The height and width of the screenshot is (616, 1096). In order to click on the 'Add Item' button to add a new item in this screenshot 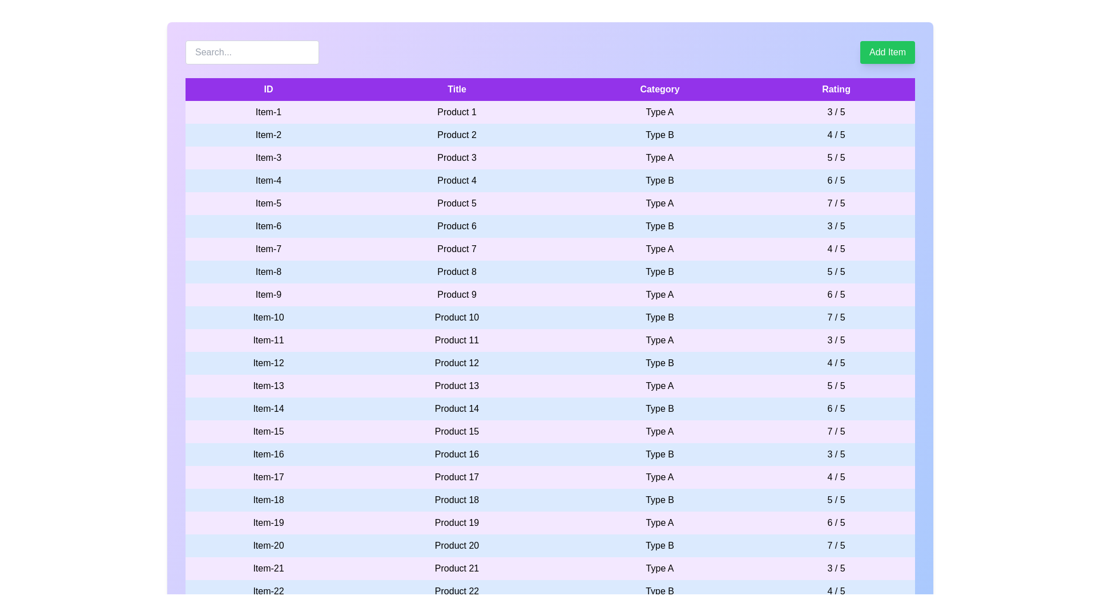, I will do `click(887, 52)`.